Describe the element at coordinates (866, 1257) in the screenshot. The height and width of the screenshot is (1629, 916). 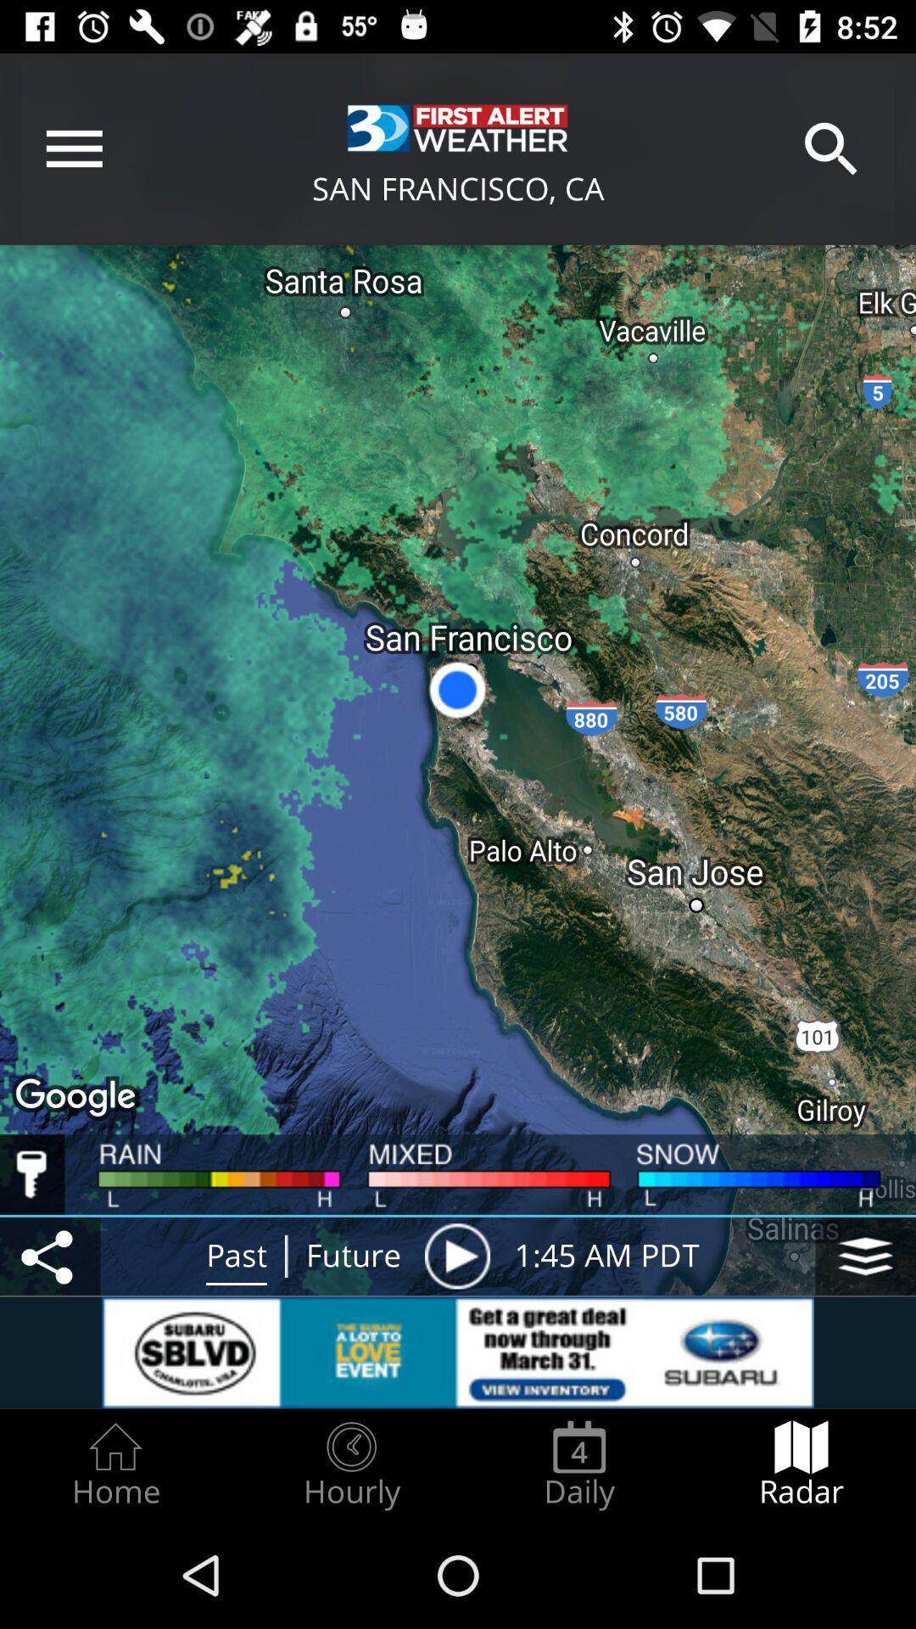
I see `the icon next to the play icon` at that location.